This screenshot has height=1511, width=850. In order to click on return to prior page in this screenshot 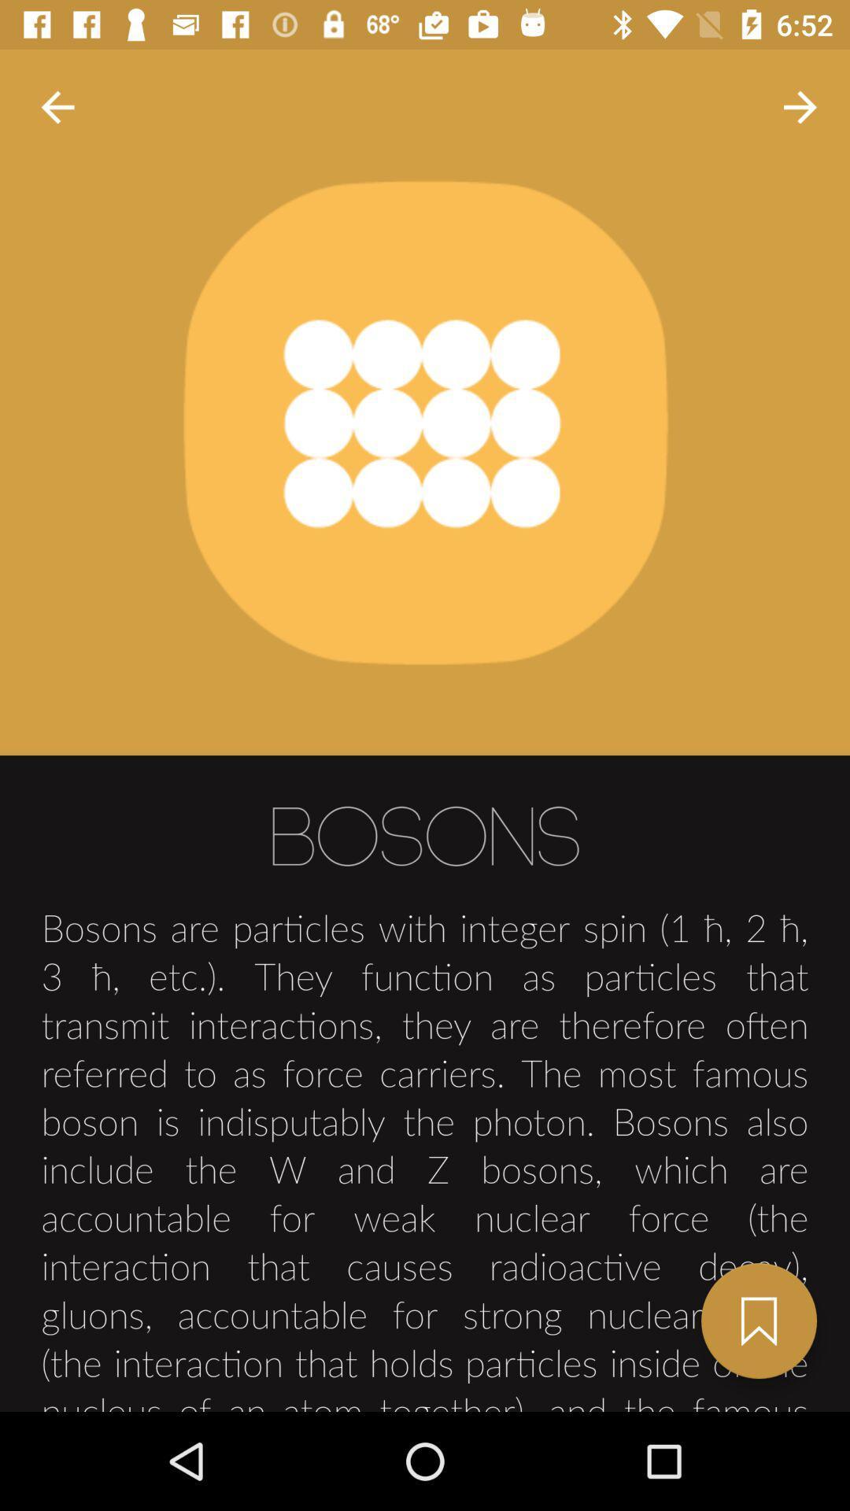, I will do `click(57, 106)`.